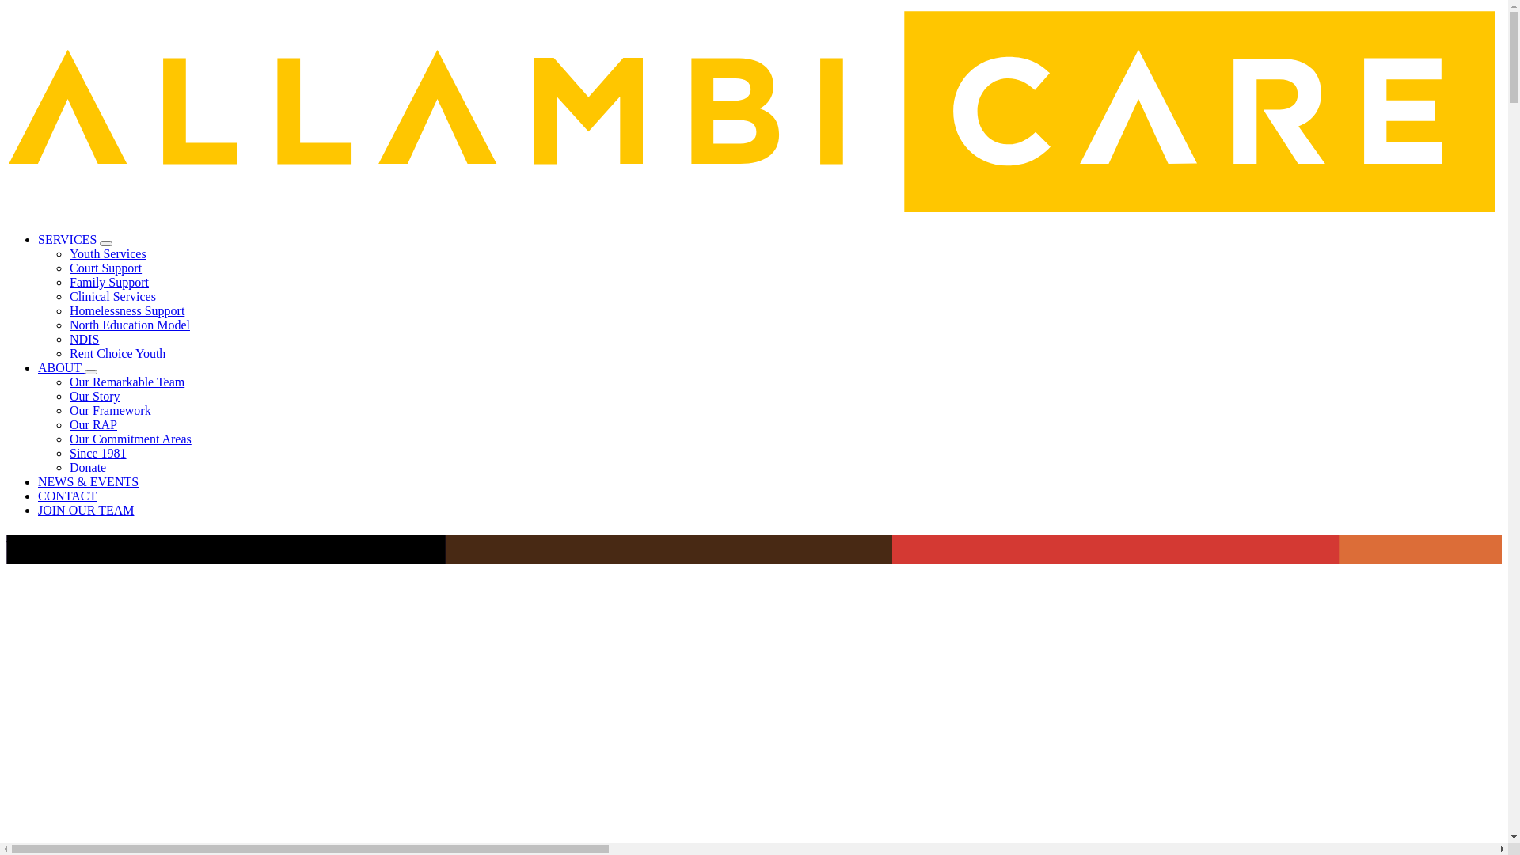 The height and width of the screenshot is (855, 1520). What do you see at coordinates (104, 267) in the screenshot?
I see `'Court Support'` at bounding box center [104, 267].